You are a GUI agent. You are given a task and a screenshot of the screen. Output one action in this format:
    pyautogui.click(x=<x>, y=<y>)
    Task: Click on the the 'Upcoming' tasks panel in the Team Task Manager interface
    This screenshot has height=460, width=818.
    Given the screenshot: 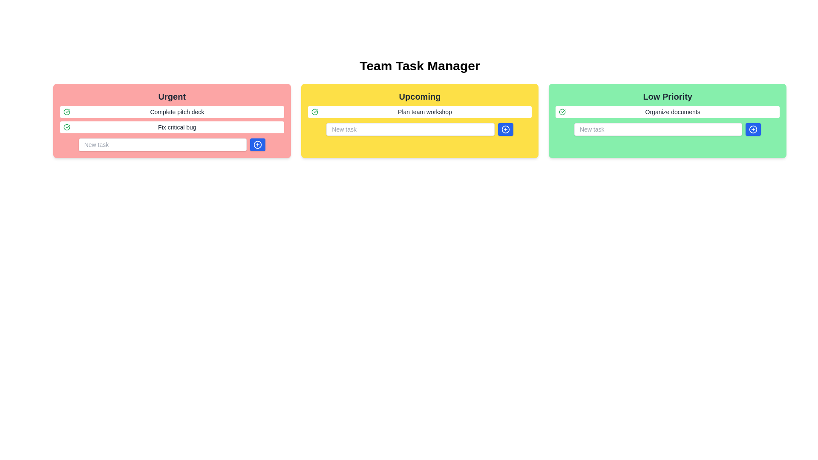 What is the action you would take?
    pyautogui.click(x=420, y=121)
    